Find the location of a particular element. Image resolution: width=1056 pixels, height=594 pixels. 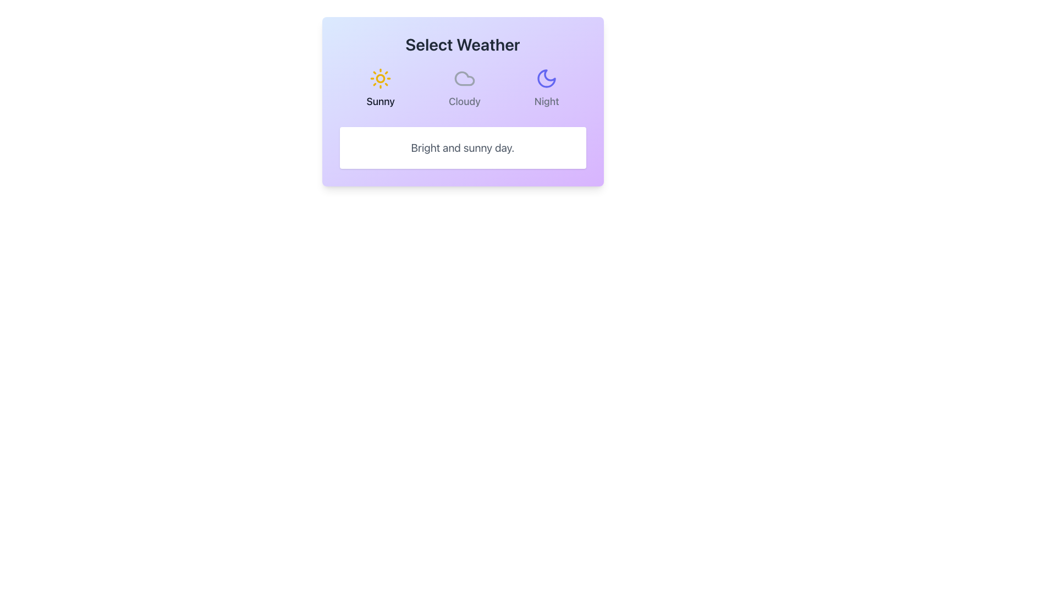

the cloud-shaped weather icon located in the 'Select Weather' section is located at coordinates (464, 78).